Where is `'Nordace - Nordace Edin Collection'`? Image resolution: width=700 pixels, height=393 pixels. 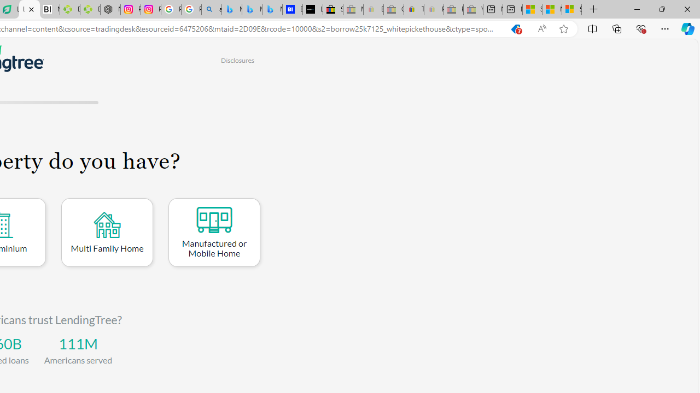
'Nordace - Nordace Edin Collection' is located at coordinates (110, 9).